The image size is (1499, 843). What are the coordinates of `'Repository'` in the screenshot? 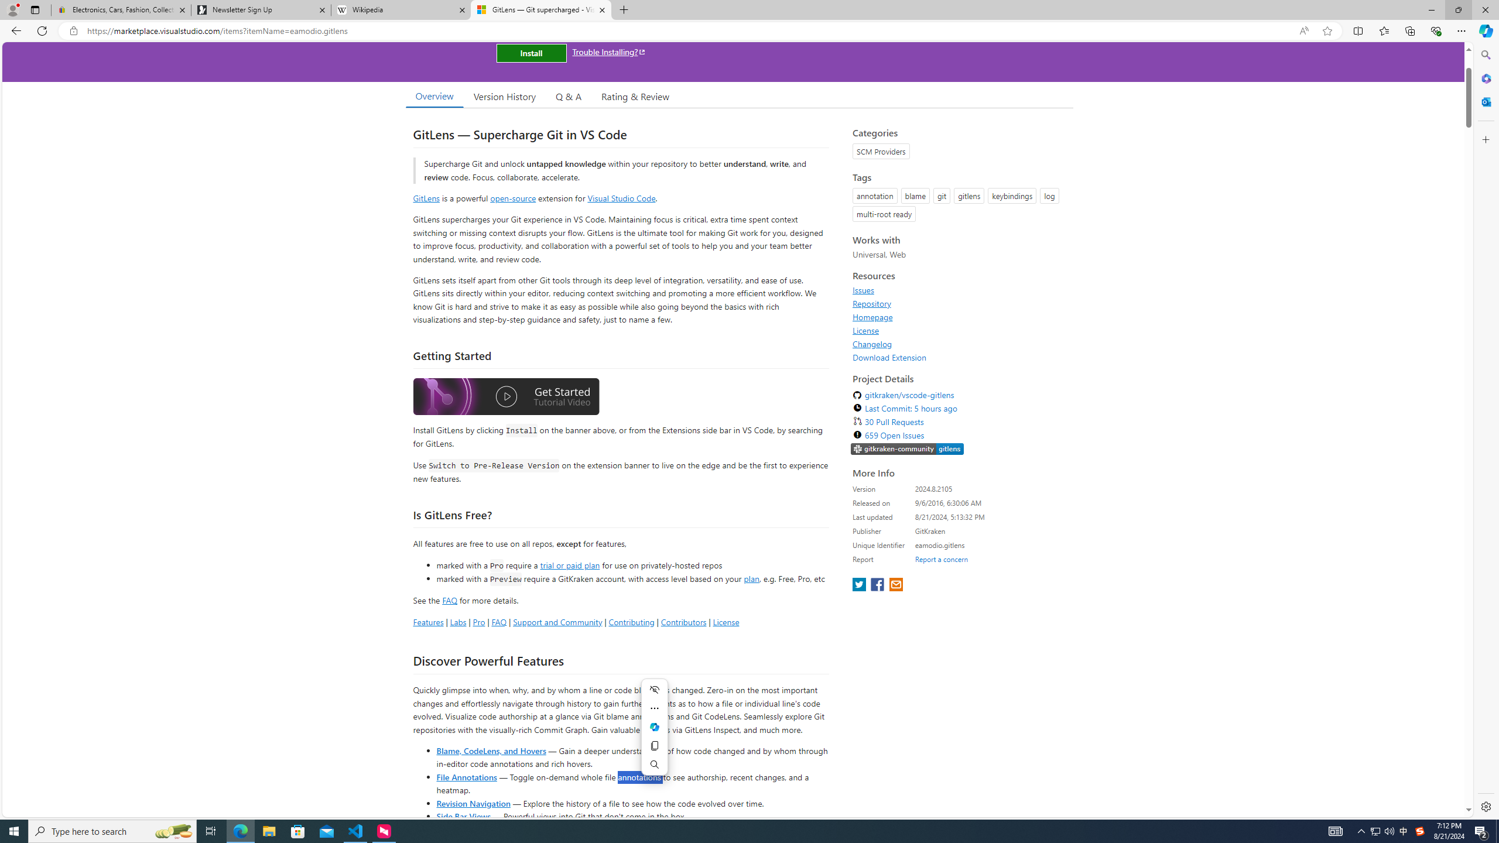 It's located at (871, 303).